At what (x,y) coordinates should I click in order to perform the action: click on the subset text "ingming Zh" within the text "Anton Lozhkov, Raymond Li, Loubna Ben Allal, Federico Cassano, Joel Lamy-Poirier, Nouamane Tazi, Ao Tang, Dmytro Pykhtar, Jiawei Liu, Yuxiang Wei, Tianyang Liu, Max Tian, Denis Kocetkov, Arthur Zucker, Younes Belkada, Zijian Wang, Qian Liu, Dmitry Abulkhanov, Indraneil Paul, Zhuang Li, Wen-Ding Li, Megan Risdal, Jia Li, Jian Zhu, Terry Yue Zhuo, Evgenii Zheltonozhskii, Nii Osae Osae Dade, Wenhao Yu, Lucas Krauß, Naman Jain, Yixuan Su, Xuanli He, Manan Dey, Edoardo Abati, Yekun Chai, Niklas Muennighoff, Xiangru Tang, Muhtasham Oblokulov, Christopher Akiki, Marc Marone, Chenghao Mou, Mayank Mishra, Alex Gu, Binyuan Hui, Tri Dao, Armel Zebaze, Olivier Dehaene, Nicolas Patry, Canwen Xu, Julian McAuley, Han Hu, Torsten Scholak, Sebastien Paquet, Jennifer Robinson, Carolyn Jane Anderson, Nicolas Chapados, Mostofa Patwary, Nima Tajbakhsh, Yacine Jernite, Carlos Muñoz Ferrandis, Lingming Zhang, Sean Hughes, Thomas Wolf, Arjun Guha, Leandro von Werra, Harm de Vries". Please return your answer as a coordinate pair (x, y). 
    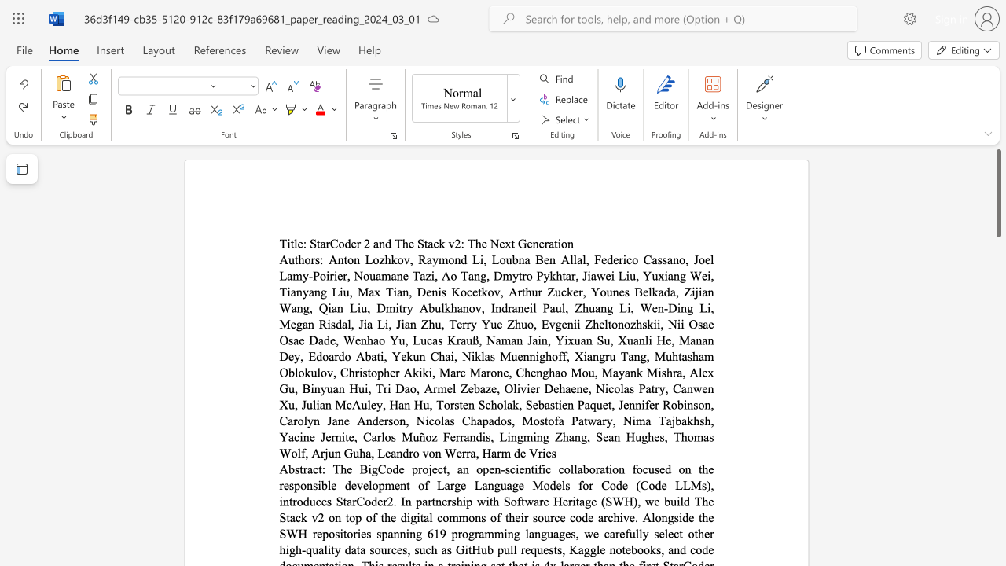
    Looking at the image, I should click on (507, 437).